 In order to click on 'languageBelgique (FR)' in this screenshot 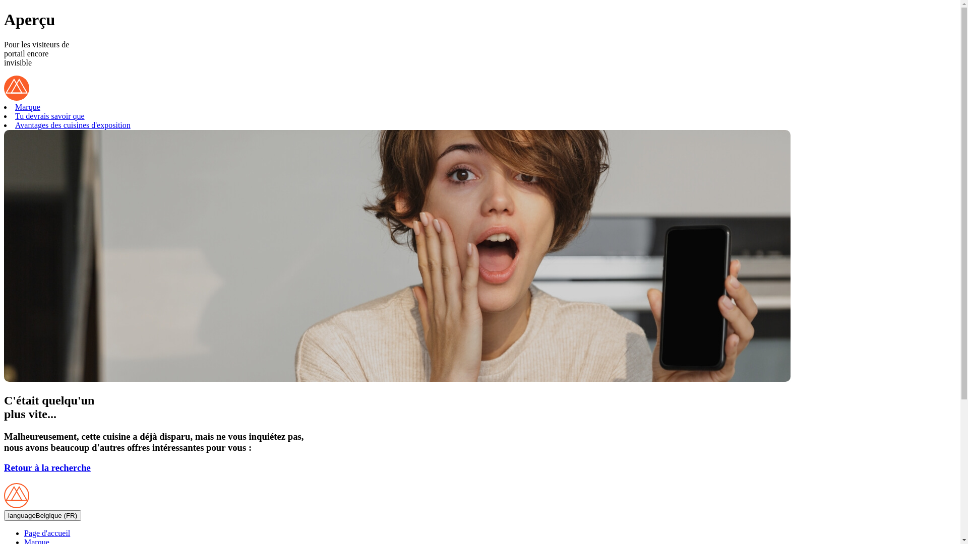, I will do `click(42, 515)`.